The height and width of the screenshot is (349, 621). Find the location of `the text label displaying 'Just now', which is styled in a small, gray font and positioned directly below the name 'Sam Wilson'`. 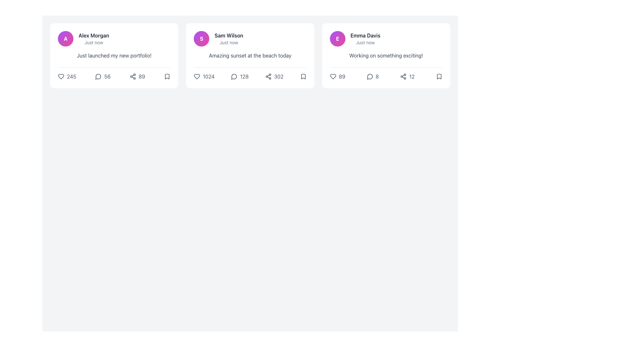

the text label displaying 'Just now', which is styled in a small, gray font and positioned directly below the name 'Sam Wilson' is located at coordinates (229, 42).